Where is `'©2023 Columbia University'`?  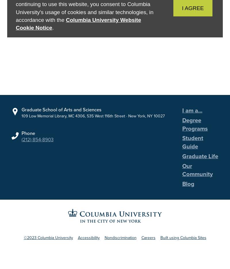 '©2023 Columbia University' is located at coordinates (24, 242).